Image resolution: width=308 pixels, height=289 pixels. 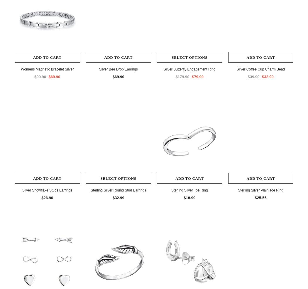 I want to click on 'Sterling Silver Toe Ring', so click(x=189, y=190).